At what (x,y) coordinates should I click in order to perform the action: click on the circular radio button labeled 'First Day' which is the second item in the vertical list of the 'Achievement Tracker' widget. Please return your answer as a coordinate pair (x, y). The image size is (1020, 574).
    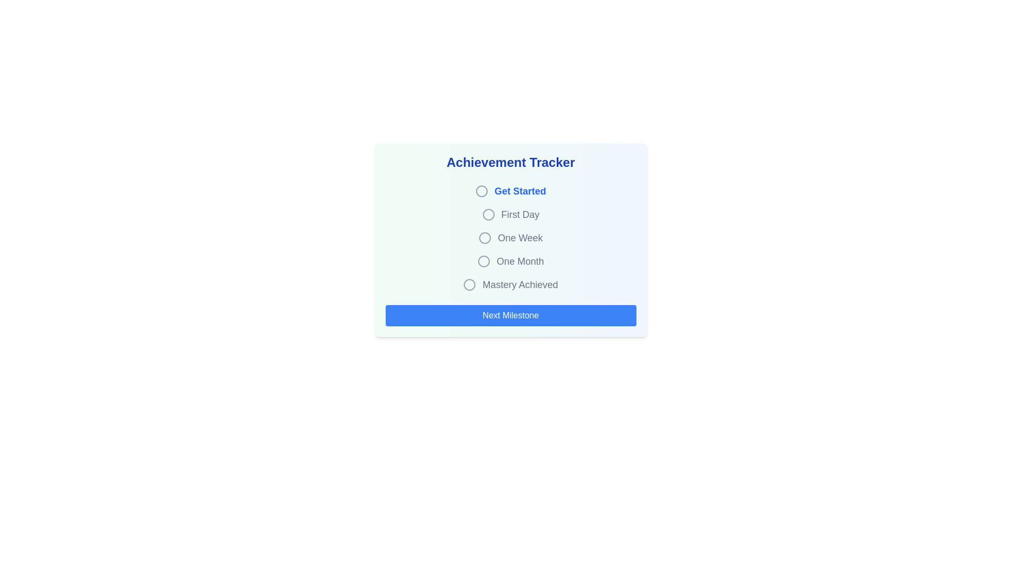
    Looking at the image, I should click on (488, 215).